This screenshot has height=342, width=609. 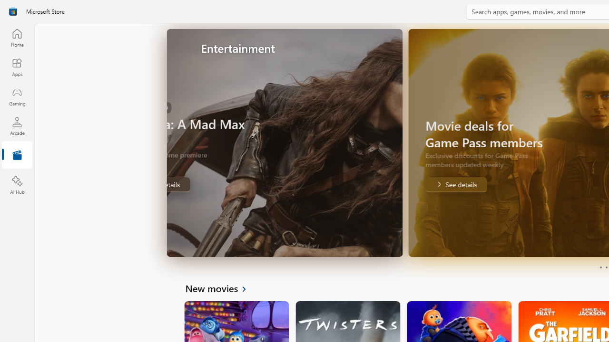 I want to click on 'See all  New movies', so click(x=221, y=287).